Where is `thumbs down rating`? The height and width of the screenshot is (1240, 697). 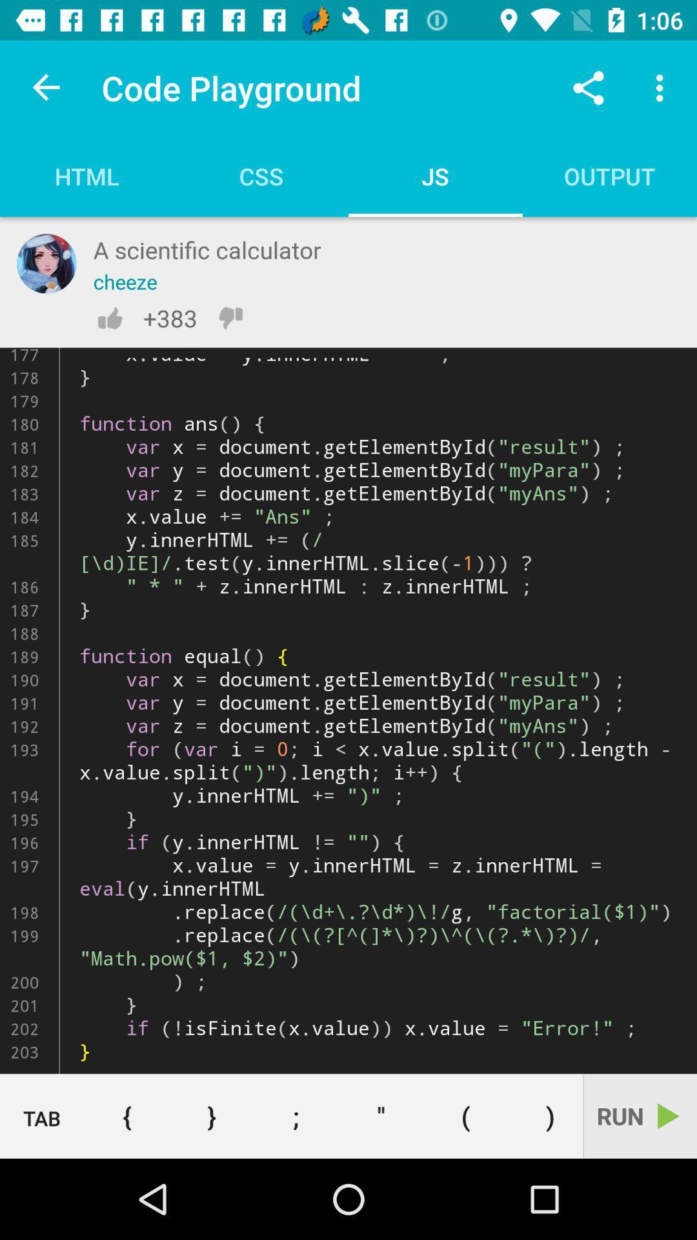
thumbs down rating is located at coordinates (230, 318).